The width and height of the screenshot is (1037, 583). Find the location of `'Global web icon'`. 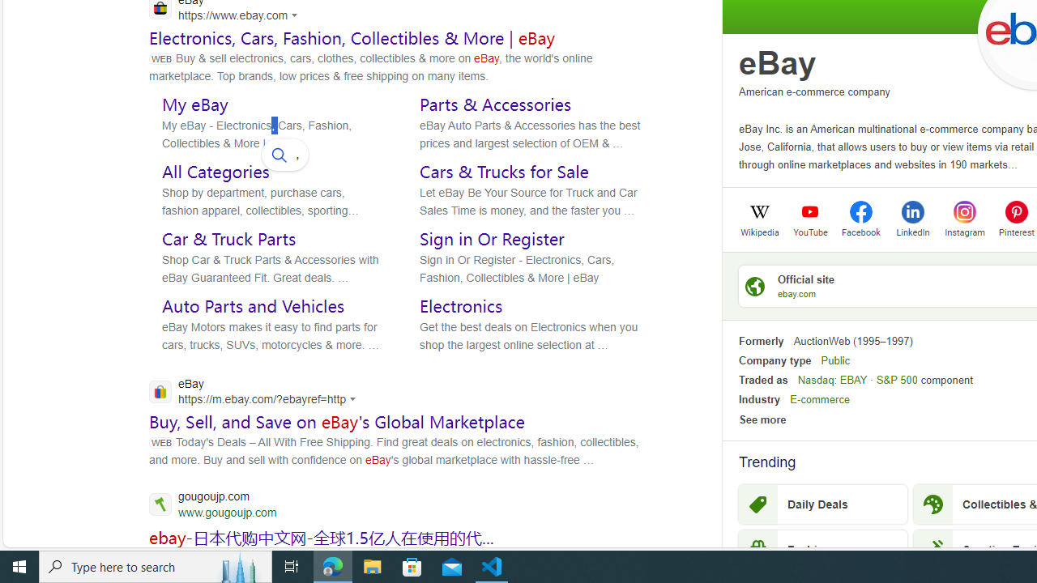

'Global web icon' is located at coordinates (160, 391).